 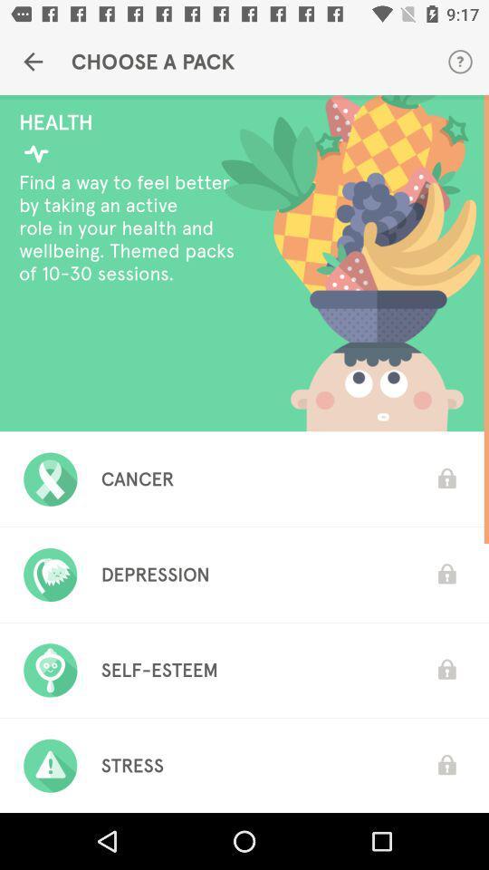 I want to click on find a way icon, so click(x=130, y=227).